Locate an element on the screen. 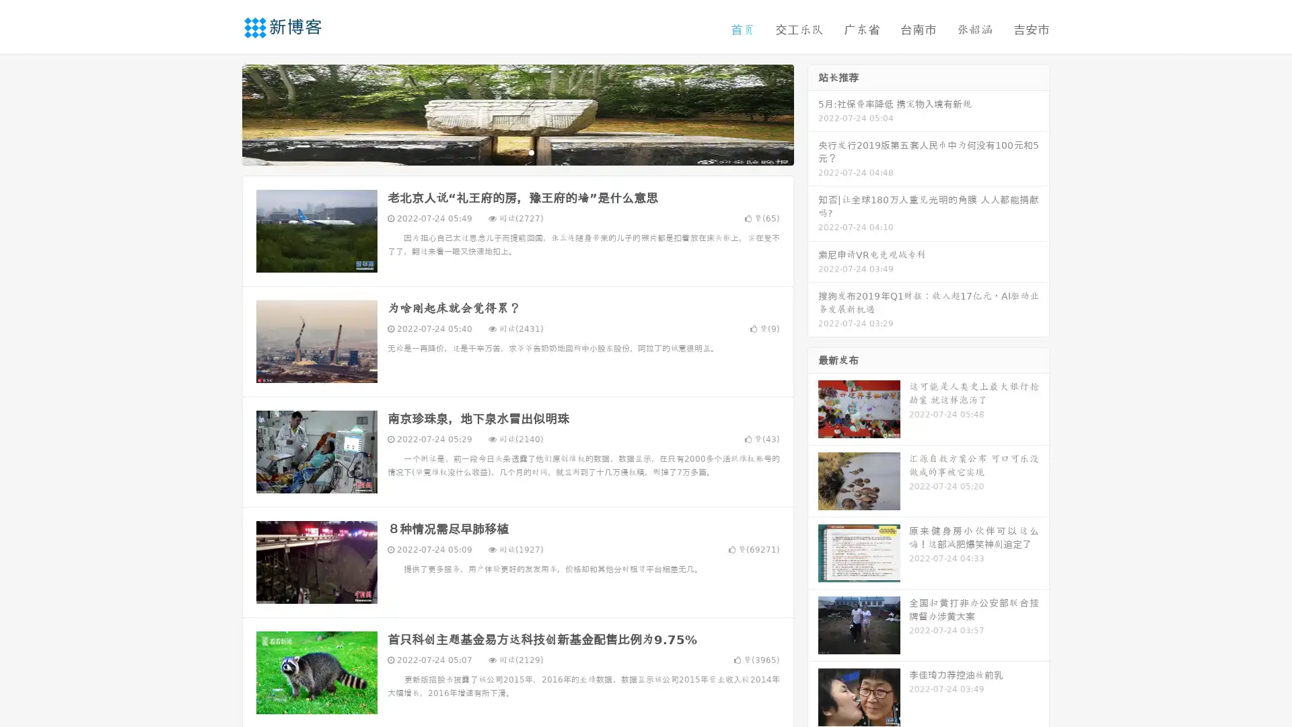 The width and height of the screenshot is (1292, 727). Go to slide 3 is located at coordinates (531, 151).